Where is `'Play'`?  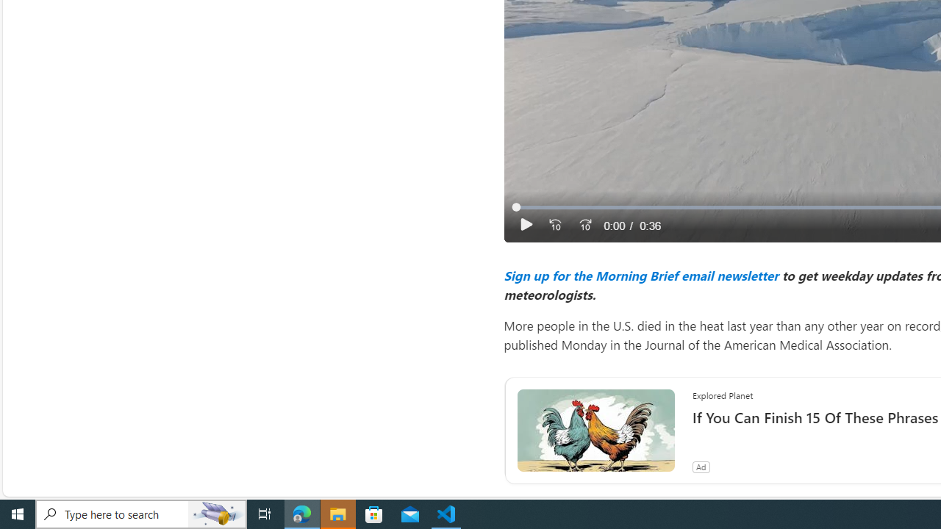 'Play' is located at coordinates (526, 225).